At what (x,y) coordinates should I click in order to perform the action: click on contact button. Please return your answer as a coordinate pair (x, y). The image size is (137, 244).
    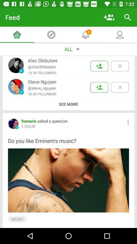
    Looking at the image, I should click on (99, 66).